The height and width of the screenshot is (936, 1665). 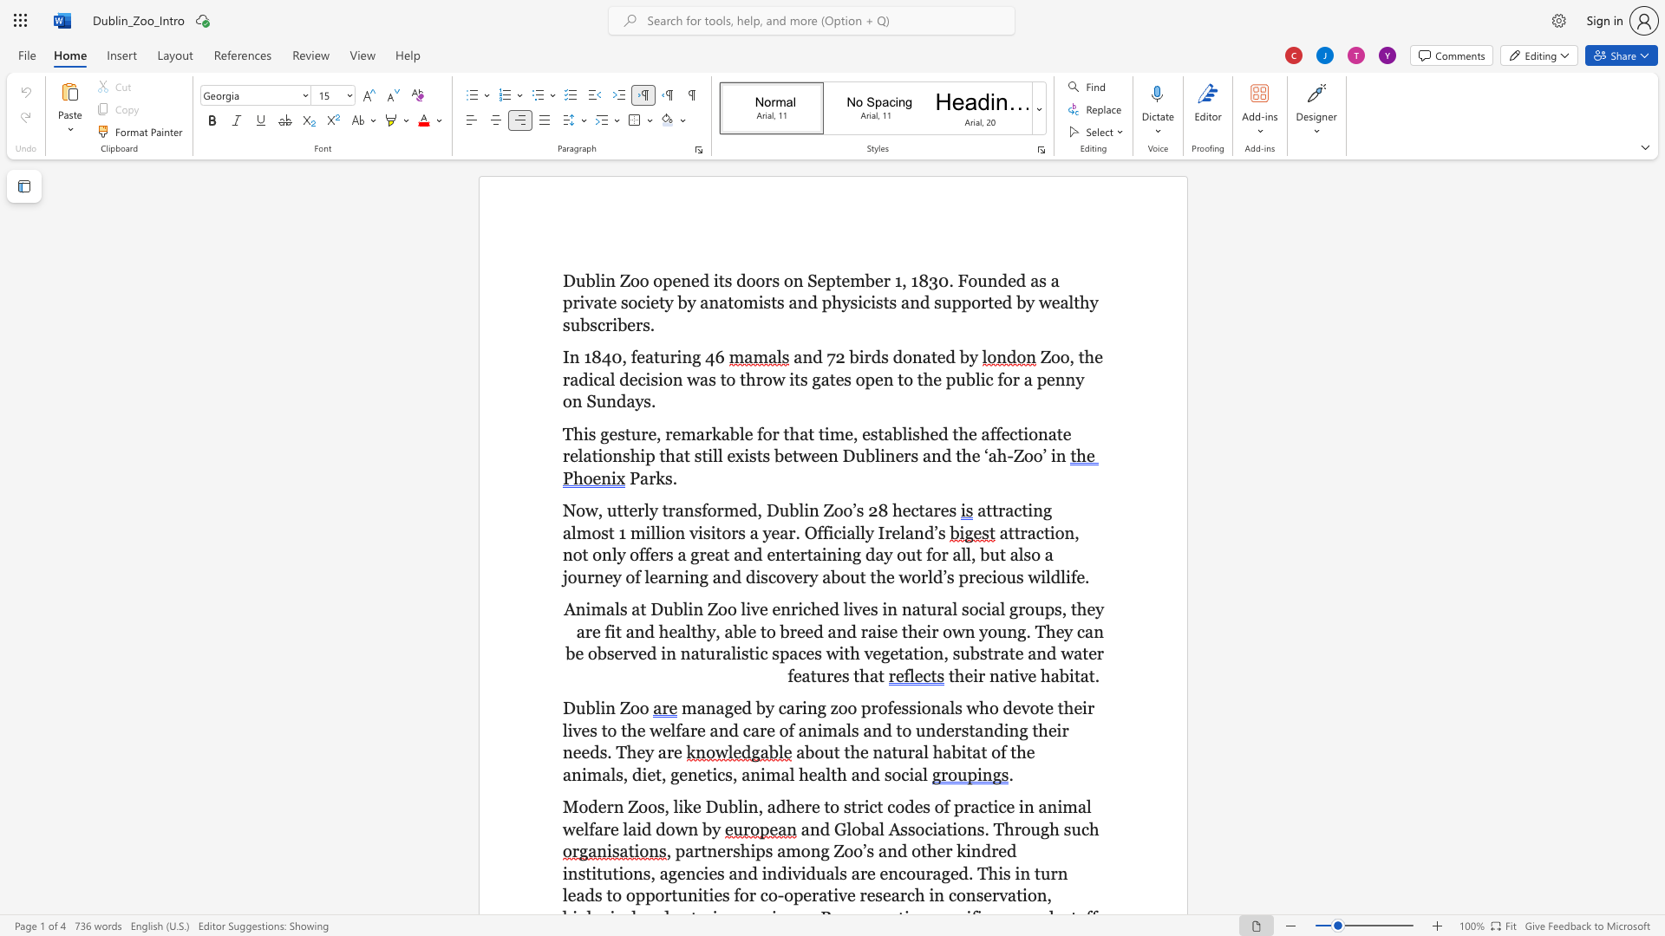 What do you see at coordinates (887, 751) in the screenshot?
I see `the 2th character "a" in the text` at bounding box center [887, 751].